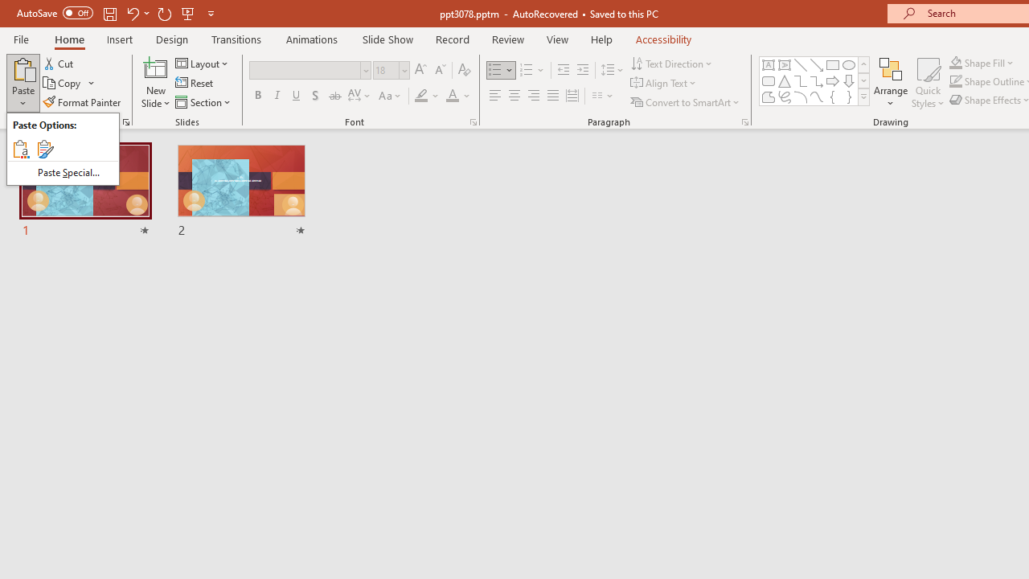  Describe the element at coordinates (59, 63) in the screenshot. I see `'Cut'` at that location.